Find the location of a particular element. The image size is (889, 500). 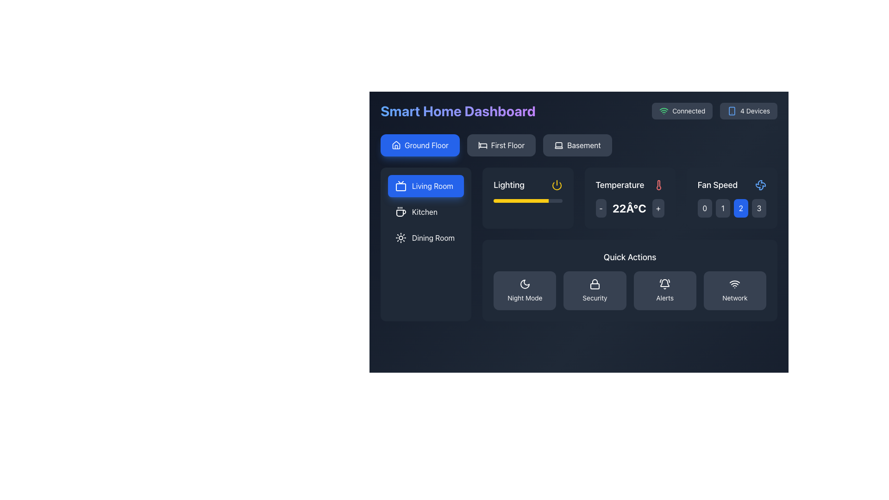

the 'Dining Room' text label in the vertical menu list is located at coordinates (433, 237).